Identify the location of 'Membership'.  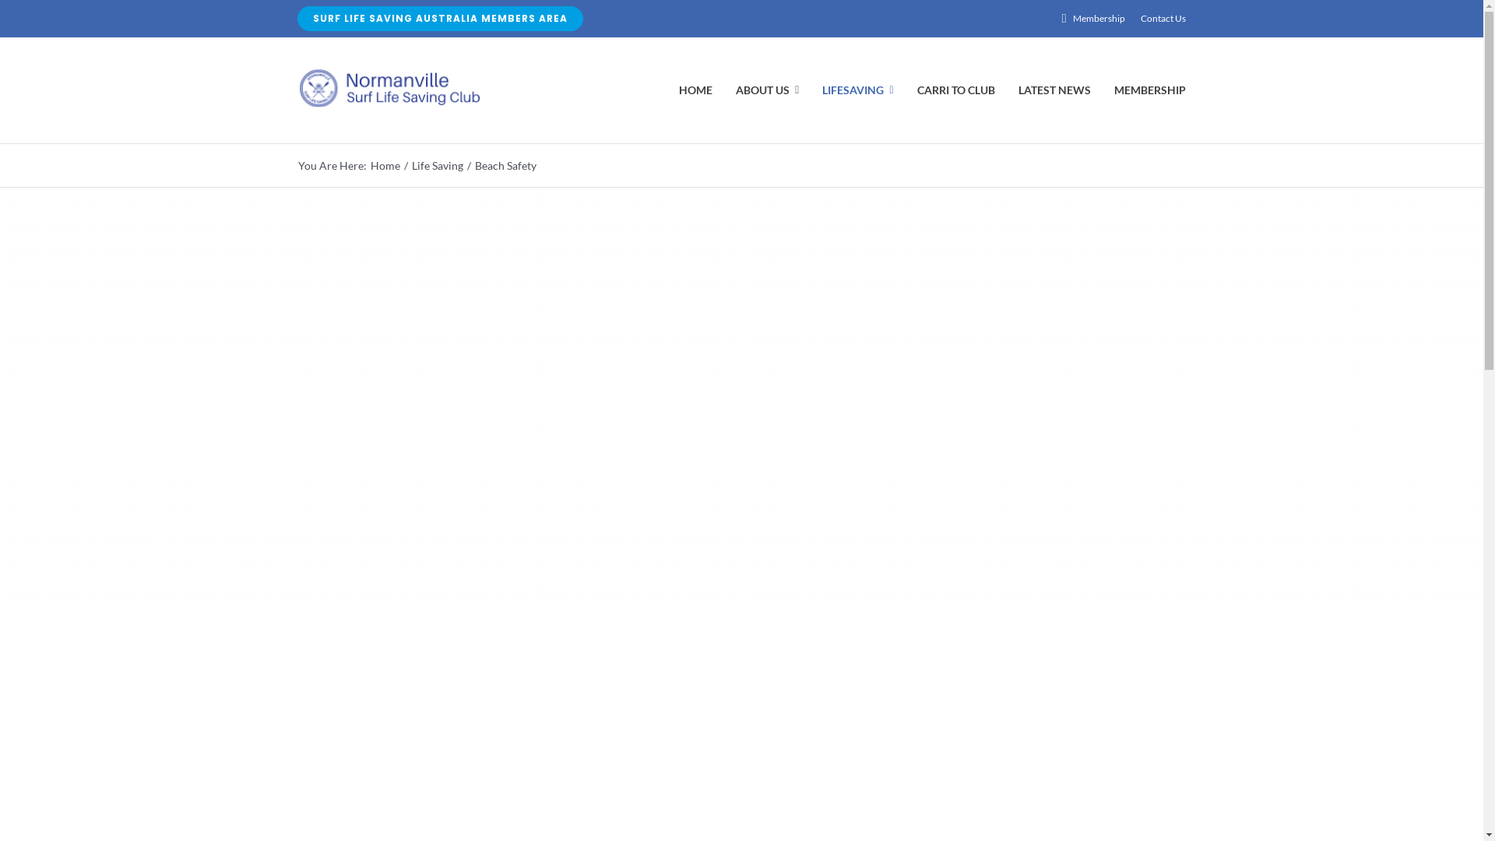
(1089, 18).